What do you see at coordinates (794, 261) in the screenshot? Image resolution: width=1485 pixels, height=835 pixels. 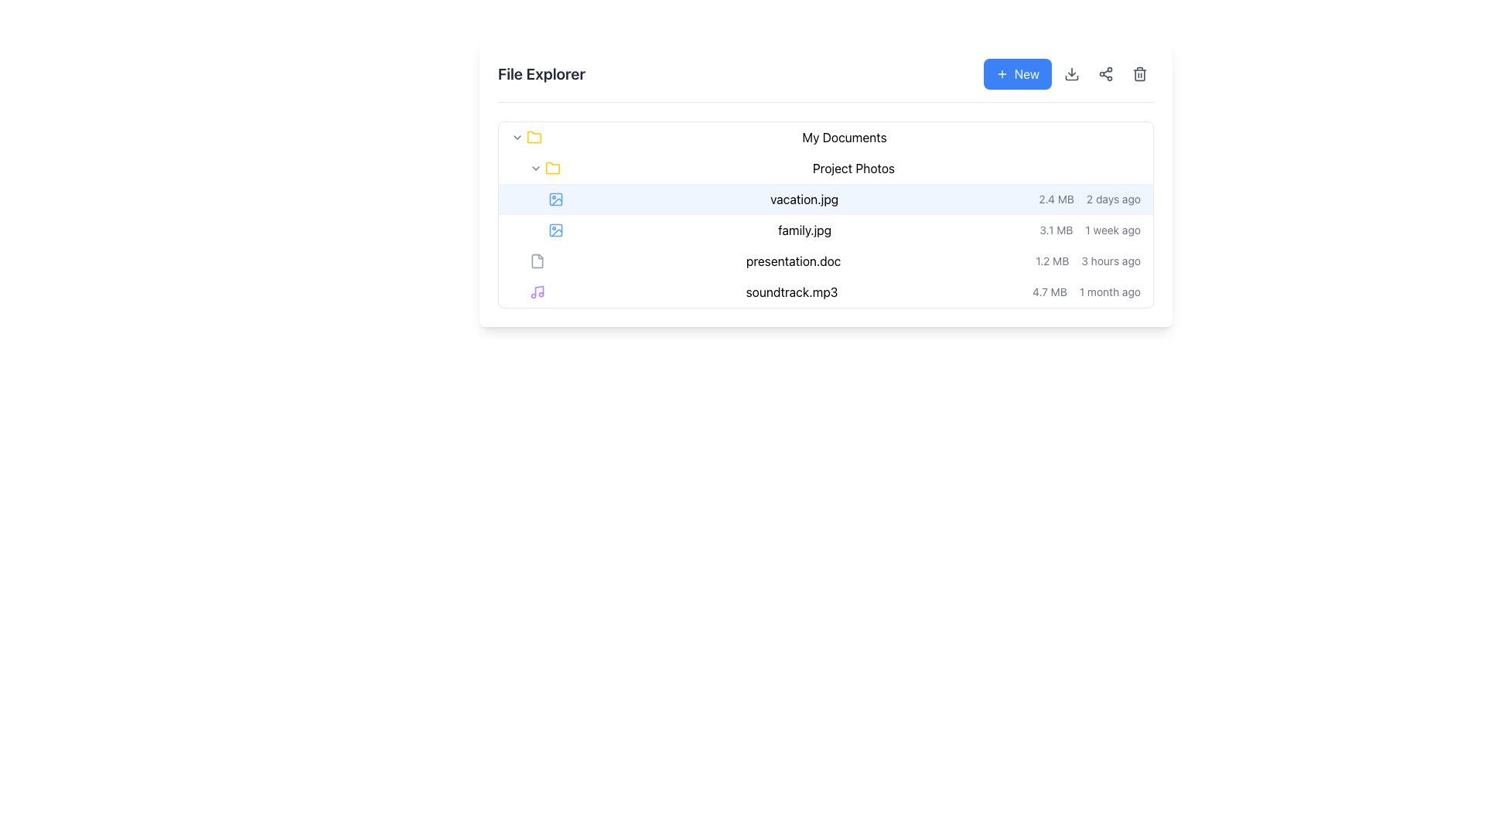 I see `the filename label in the third row of the file listing in the 'File Explorer' layout, located between the file icon and the file size/timestamp information` at bounding box center [794, 261].